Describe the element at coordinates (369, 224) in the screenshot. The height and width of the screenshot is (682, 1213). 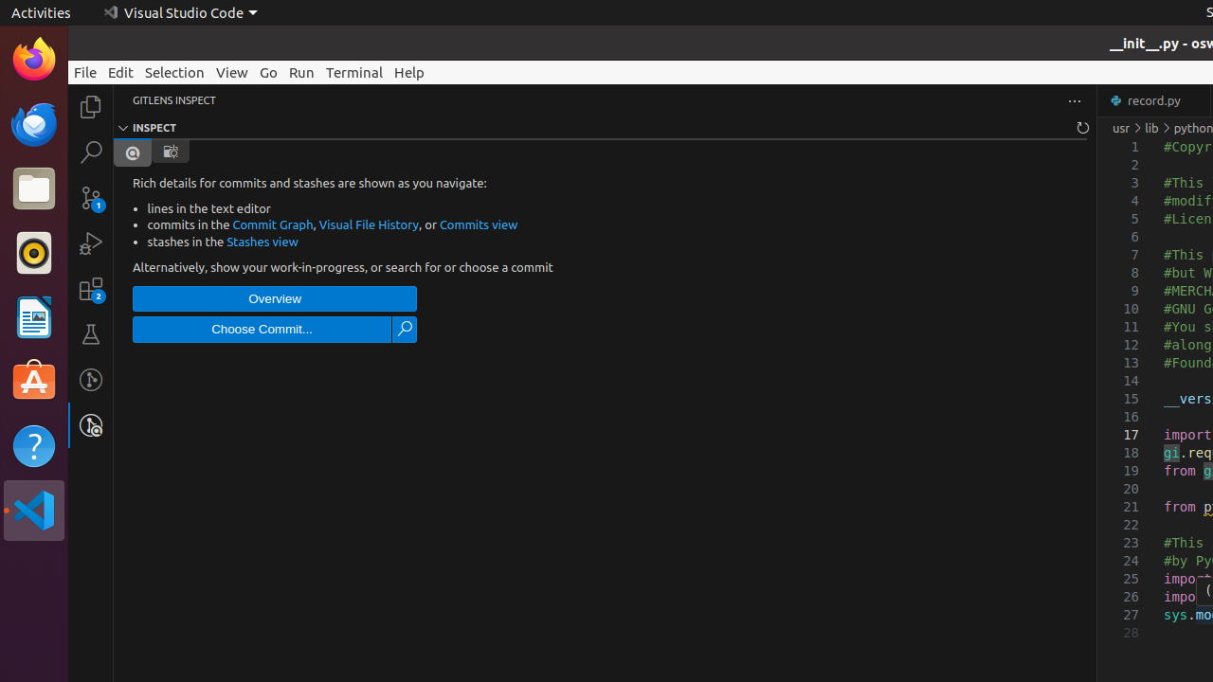
I see `'Visual File History'` at that location.